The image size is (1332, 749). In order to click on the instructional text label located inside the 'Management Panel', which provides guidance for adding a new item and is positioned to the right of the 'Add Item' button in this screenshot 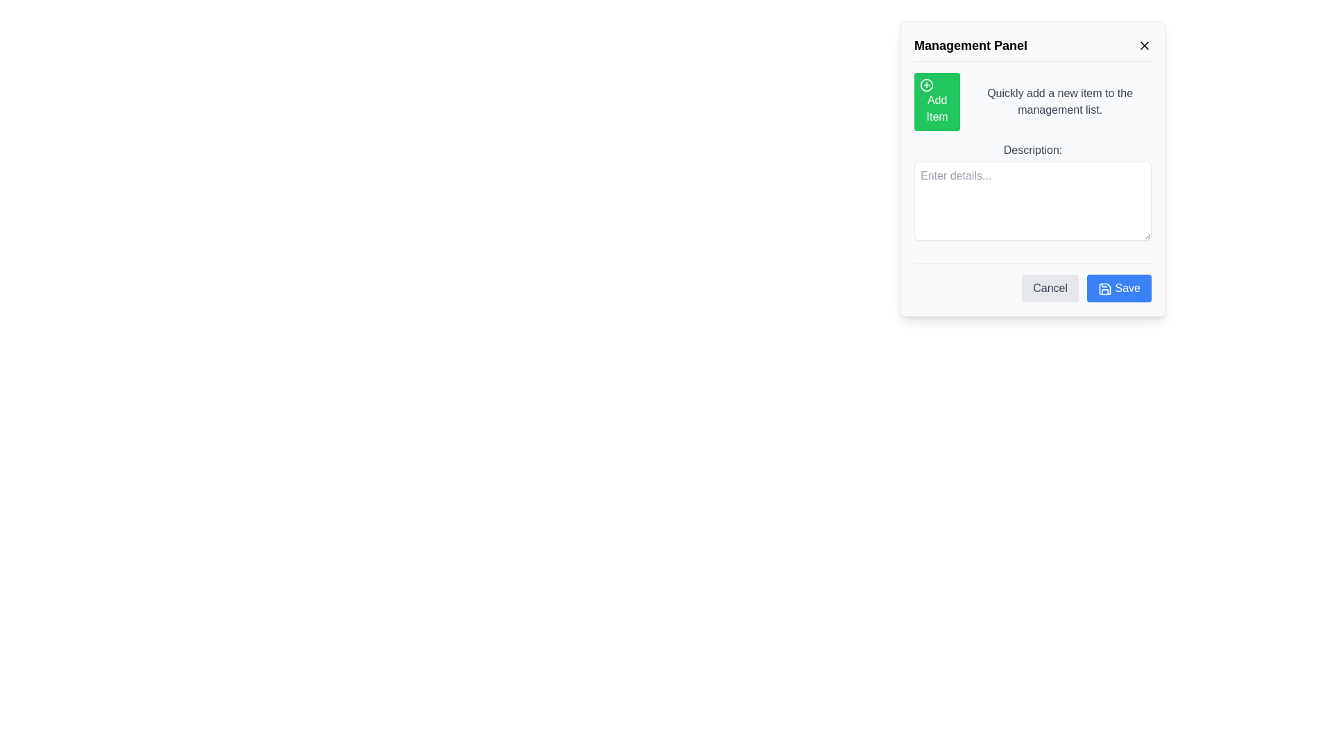, I will do `click(1059, 101)`.